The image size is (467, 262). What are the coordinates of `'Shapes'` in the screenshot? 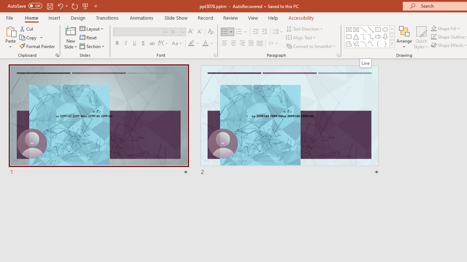 It's located at (391, 44).